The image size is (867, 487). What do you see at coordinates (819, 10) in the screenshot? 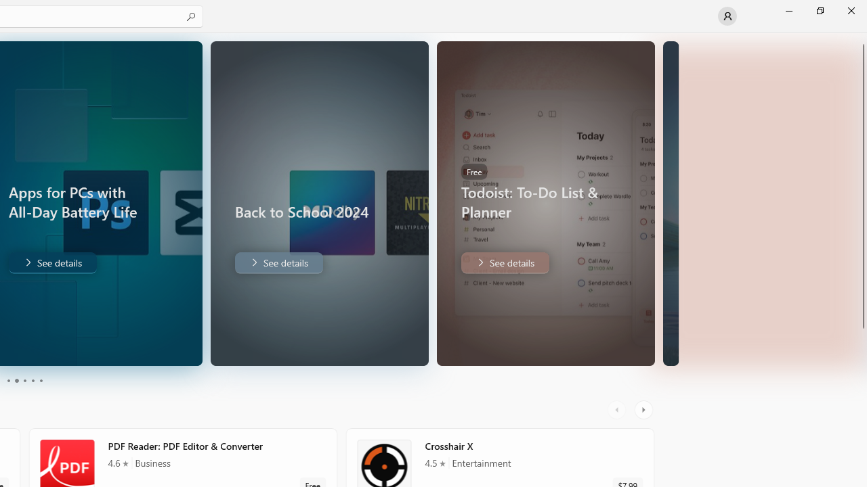
I see `'Restore Microsoft Store'` at bounding box center [819, 10].